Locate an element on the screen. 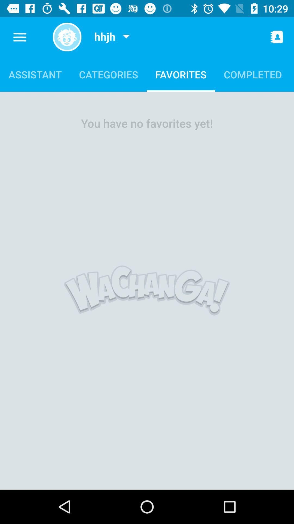 This screenshot has height=524, width=294. taggle the profile is located at coordinates (67, 37).